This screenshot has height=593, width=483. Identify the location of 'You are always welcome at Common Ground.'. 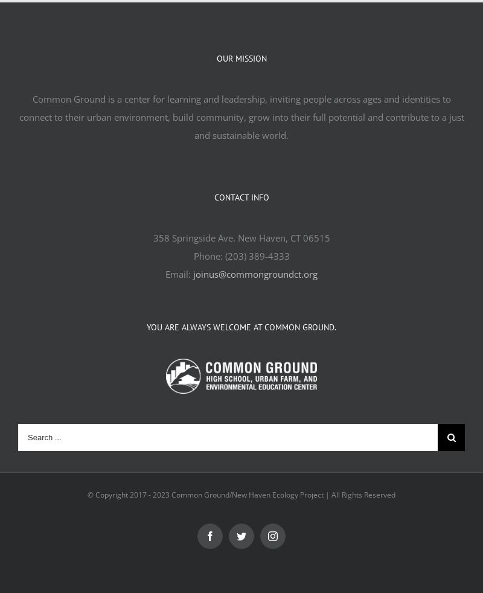
(241, 326).